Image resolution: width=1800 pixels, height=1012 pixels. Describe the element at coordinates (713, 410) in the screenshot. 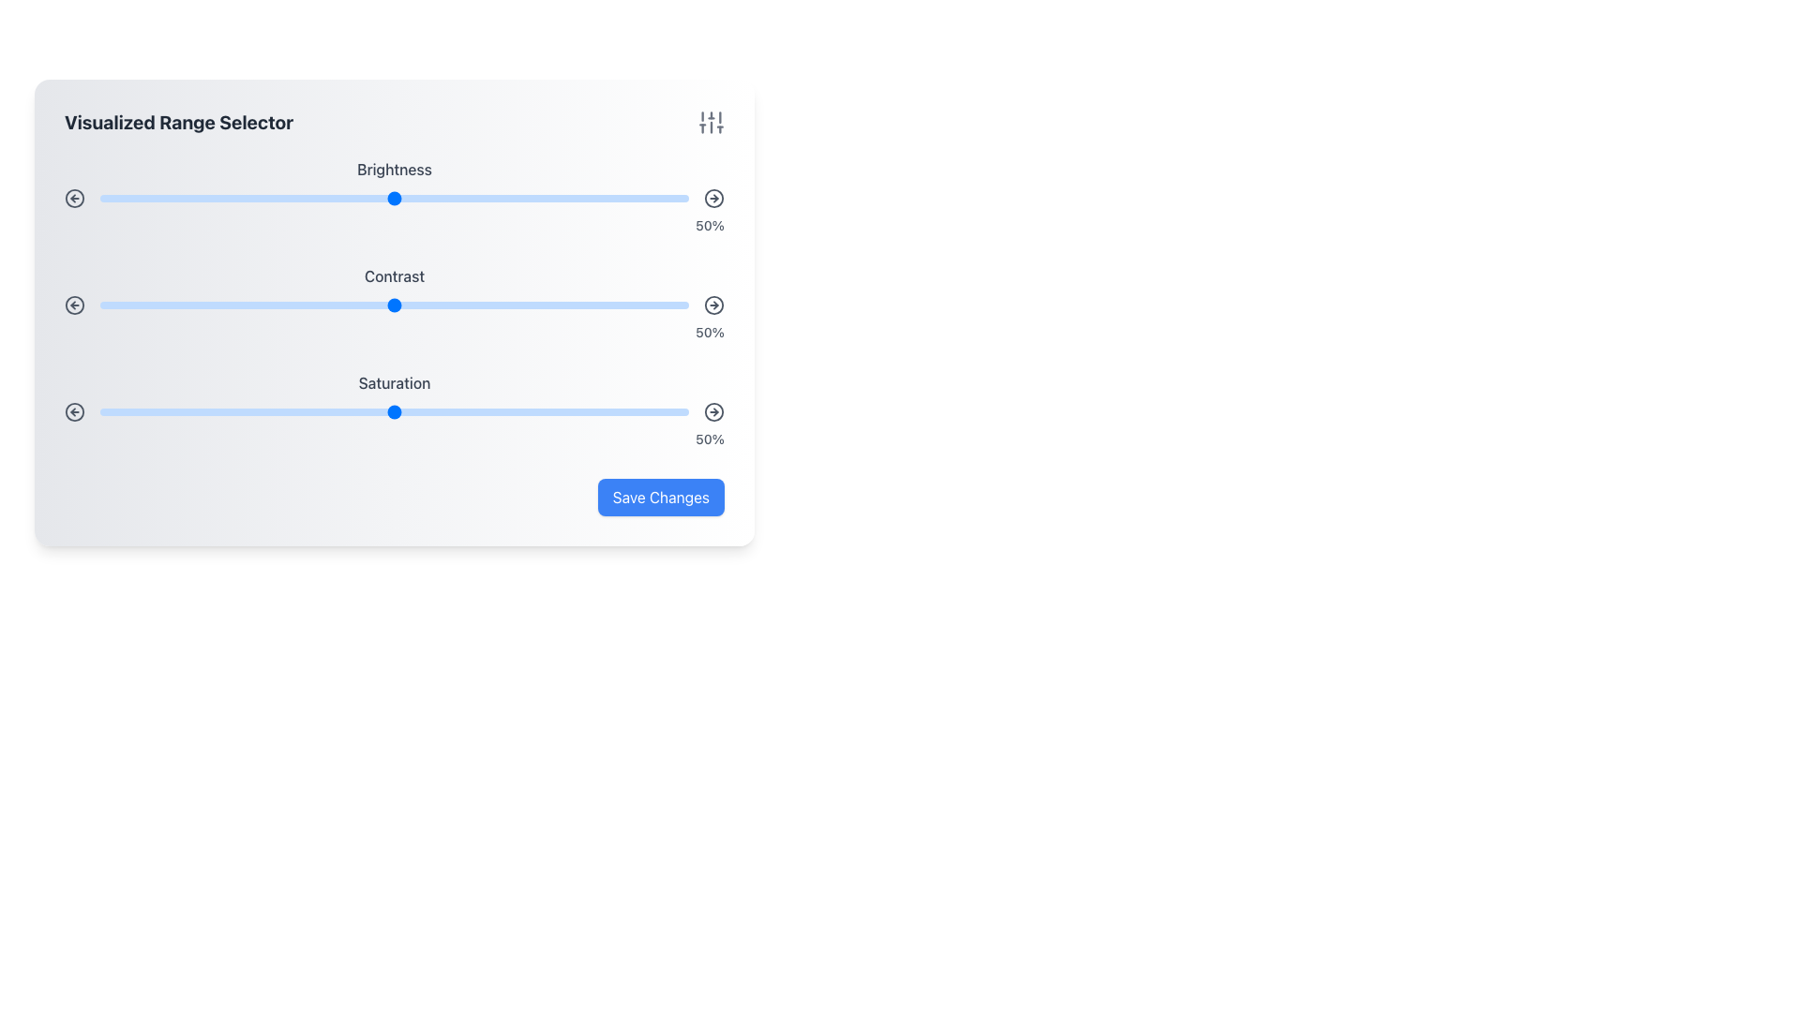

I see `the circular icon button with a gray border and a red arrow pointing to the right, located on the far right of the 'Saturation' slider` at that location.